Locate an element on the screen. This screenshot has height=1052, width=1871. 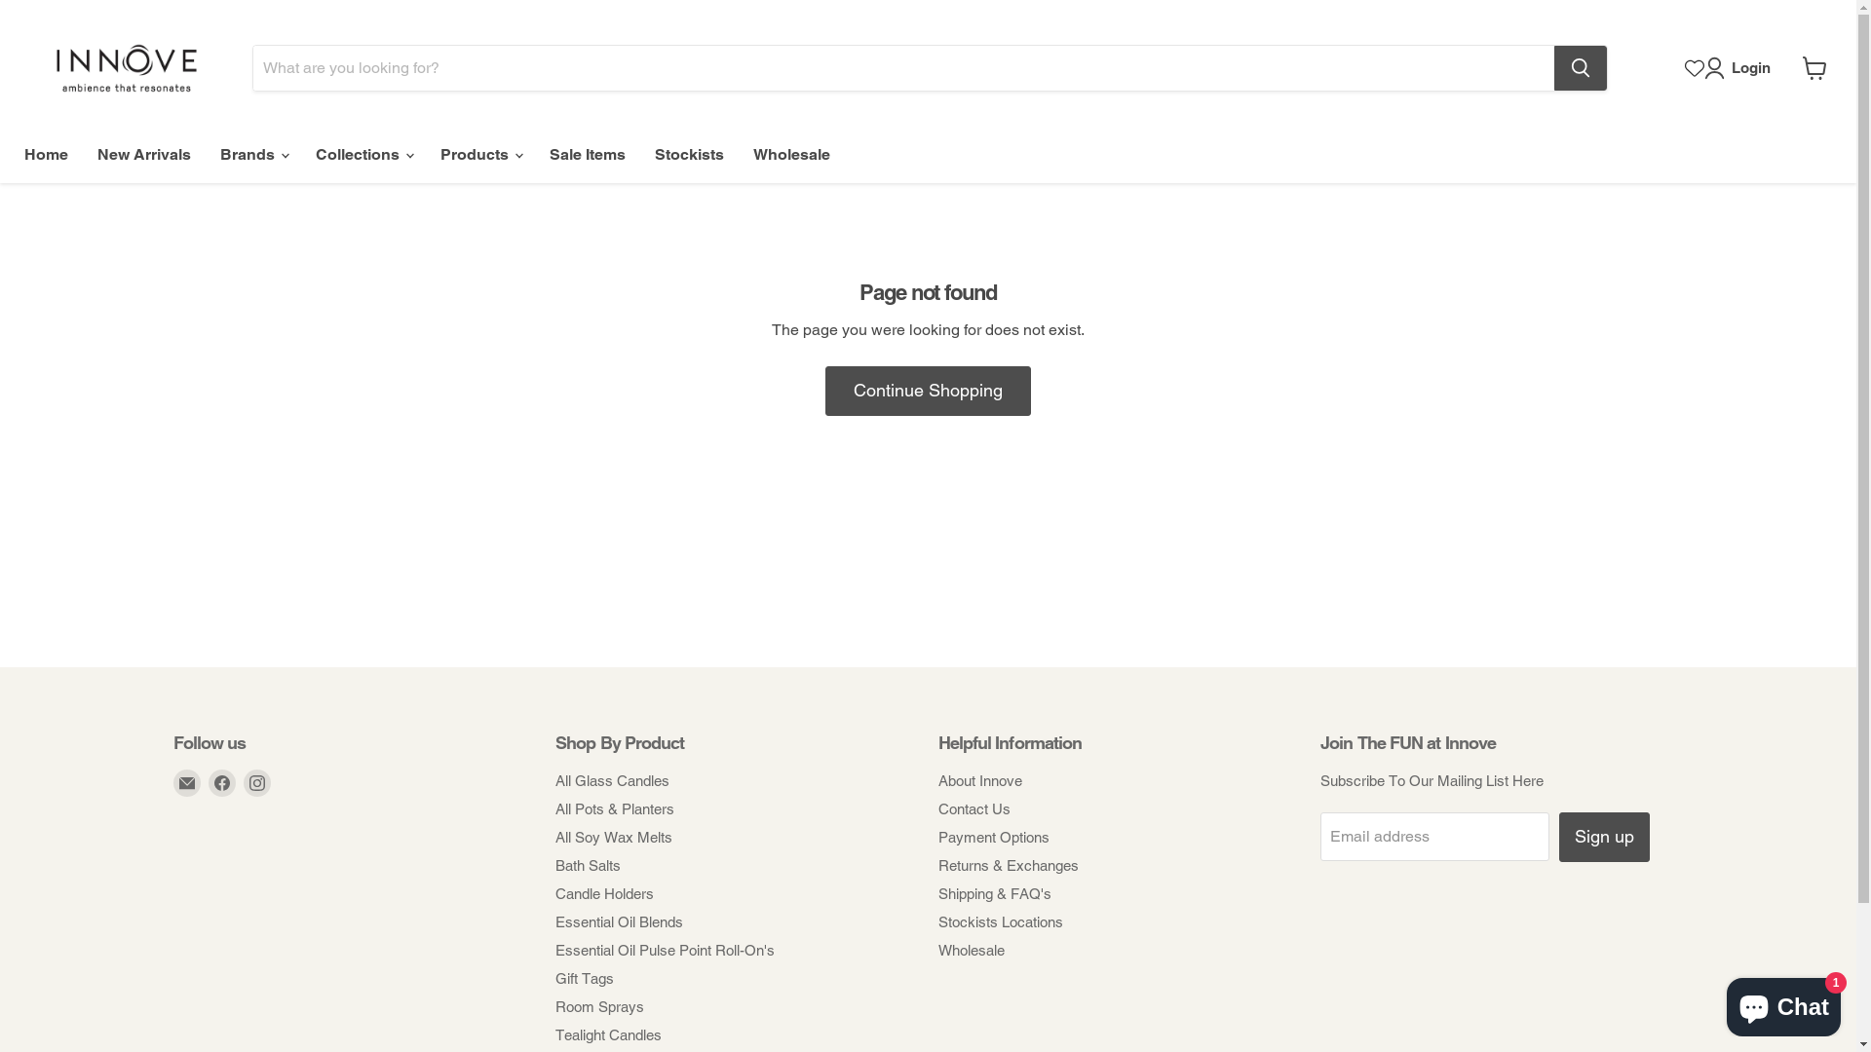
'Gift Tags' is located at coordinates (584, 978).